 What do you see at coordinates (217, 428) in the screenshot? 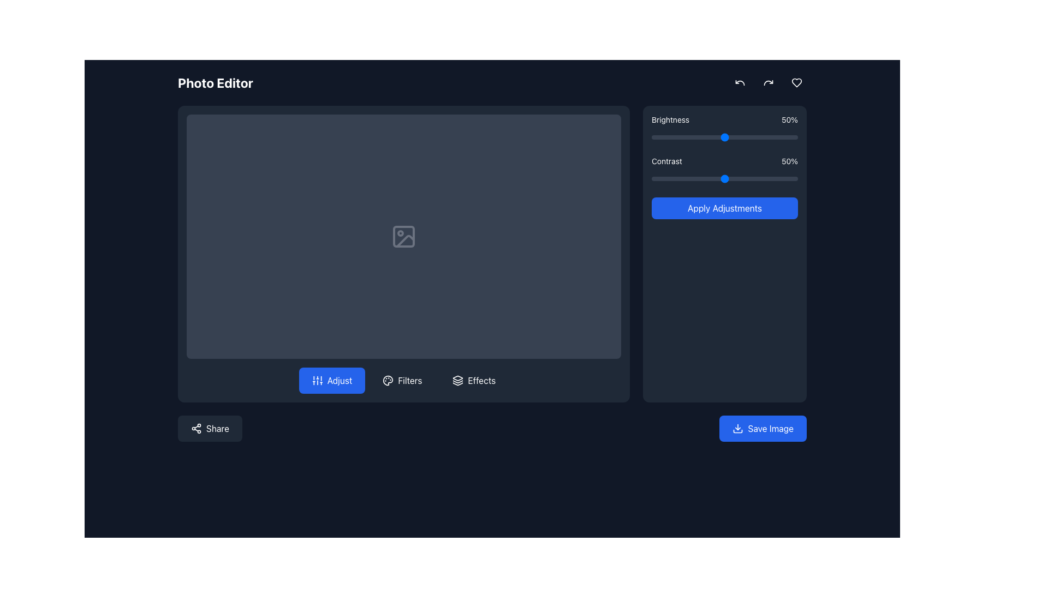
I see `the 'Share' text label located at the bottom-left corner of the interface, which indicates the function of the share button, to initiate sharing` at bounding box center [217, 428].